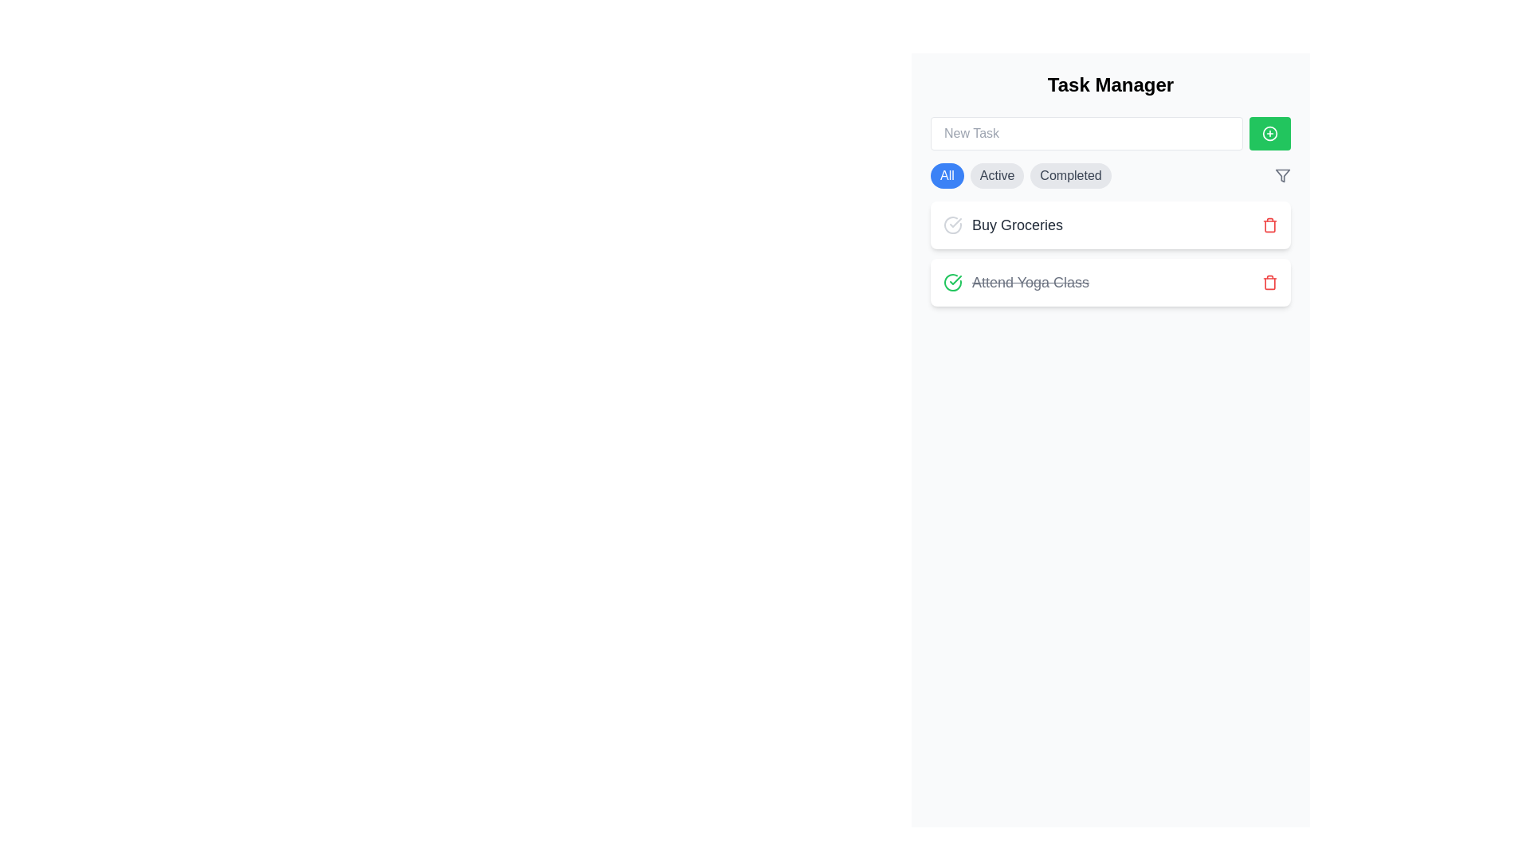  Describe the element at coordinates (1269, 225) in the screenshot. I see `the delete button located on the right side of the 'Buy Groceries' task` at that location.